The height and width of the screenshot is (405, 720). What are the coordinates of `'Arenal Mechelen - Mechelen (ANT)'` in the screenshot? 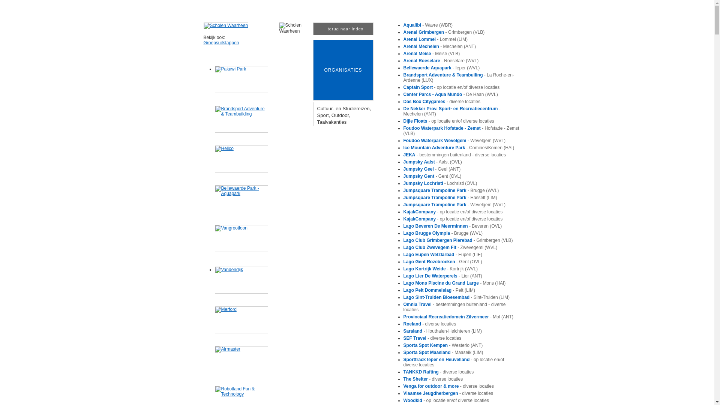 It's located at (439, 46).